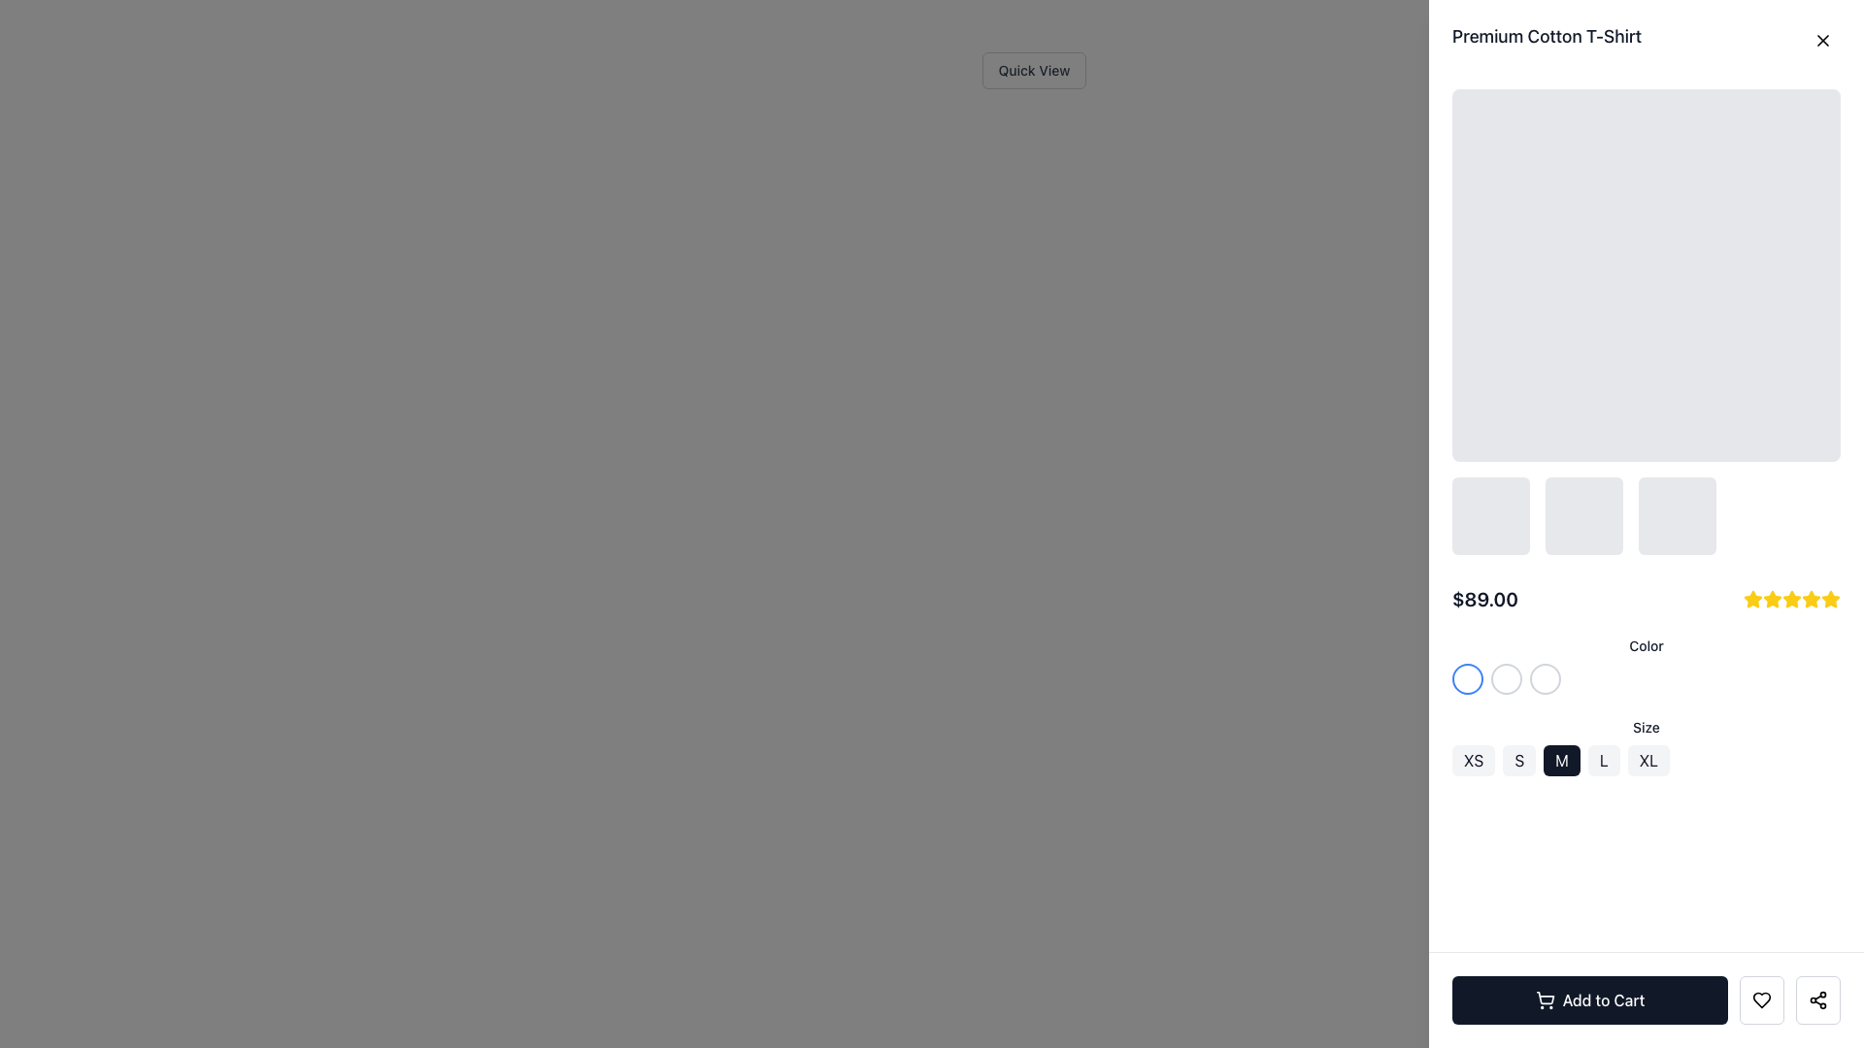 The image size is (1864, 1048). What do you see at coordinates (1645, 727) in the screenshot?
I see `the text label displaying 'Size', which is styled with smaller-sized, medium-weight dark gray text, located in the right section of the interface above the size selection buttons` at bounding box center [1645, 727].